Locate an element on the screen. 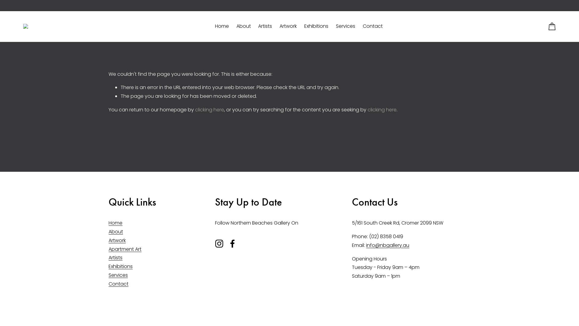  'Contact' is located at coordinates (362, 26).